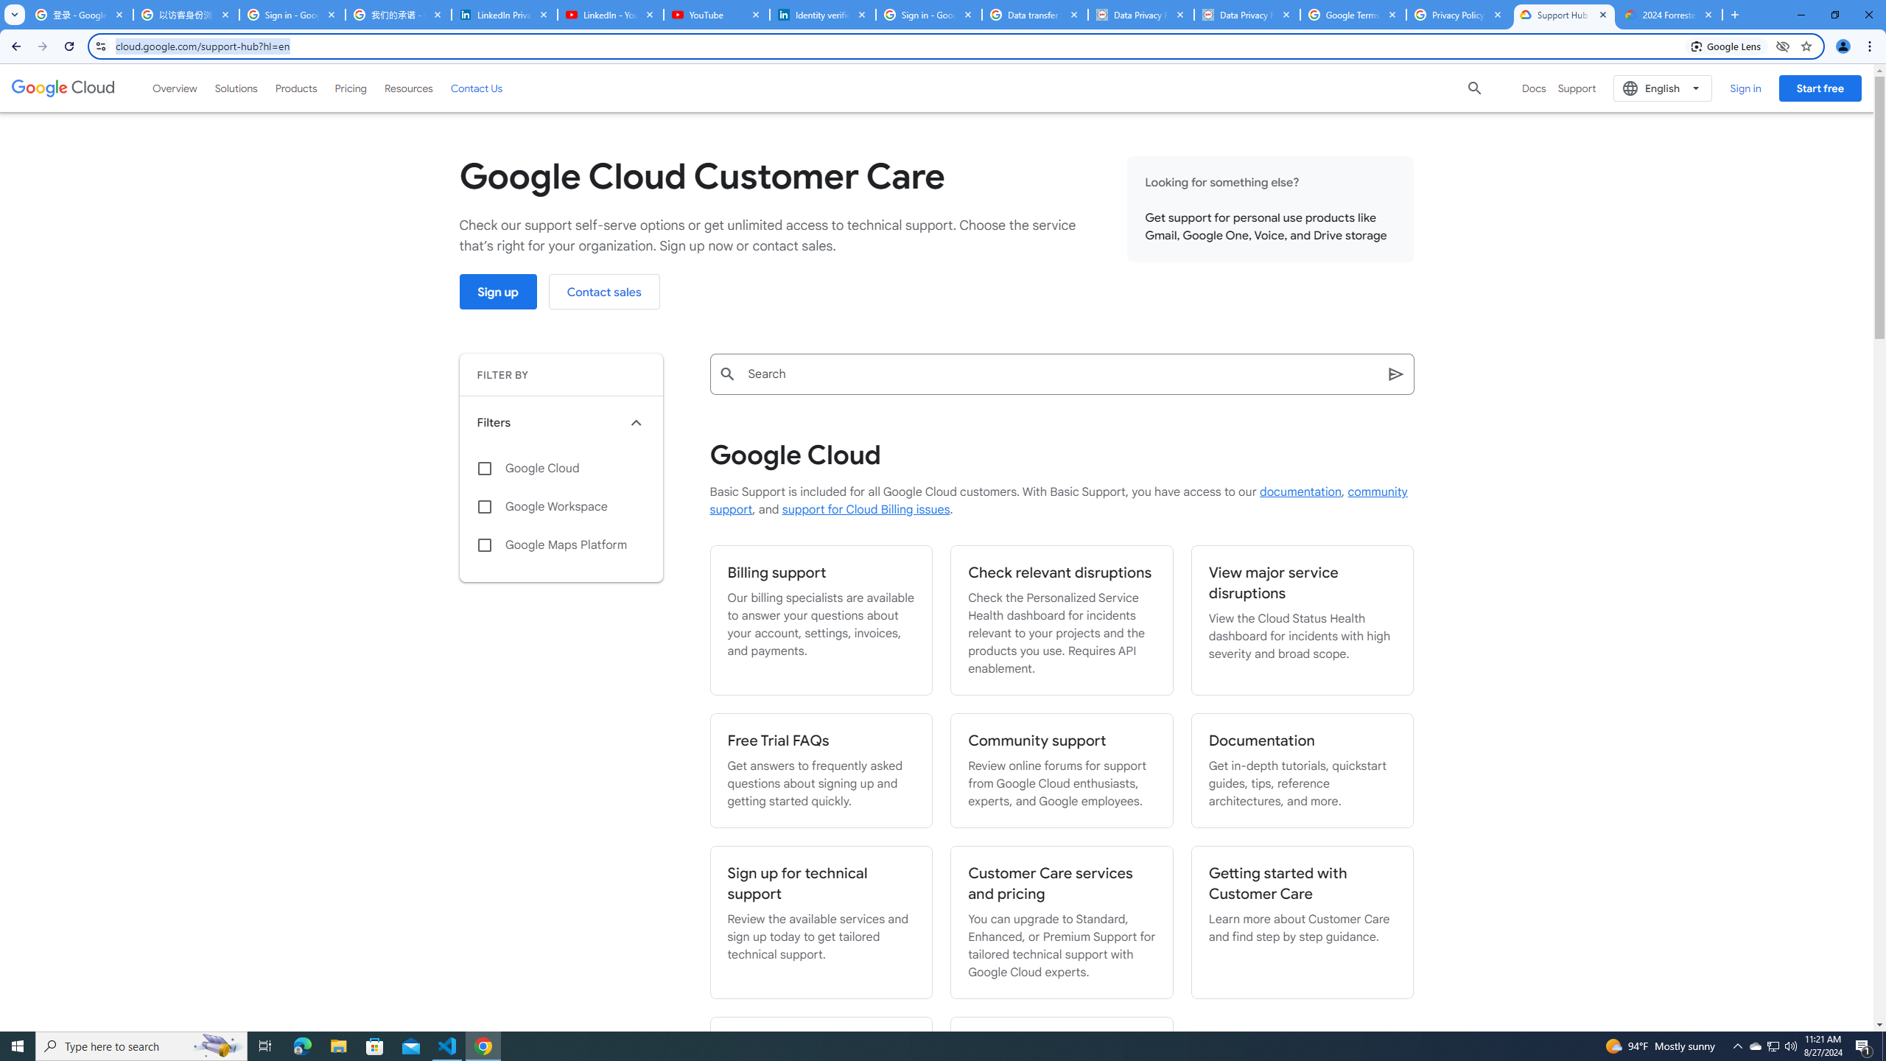  I want to click on 'Google Maps Platform', so click(561, 544).